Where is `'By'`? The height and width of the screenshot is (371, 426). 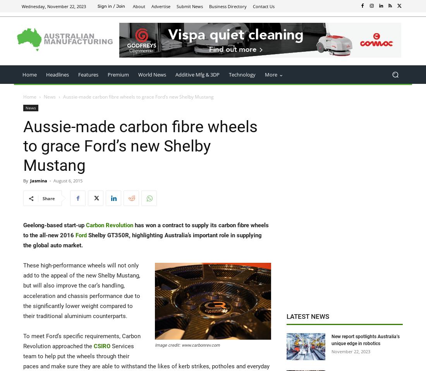
'By' is located at coordinates (25, 180).